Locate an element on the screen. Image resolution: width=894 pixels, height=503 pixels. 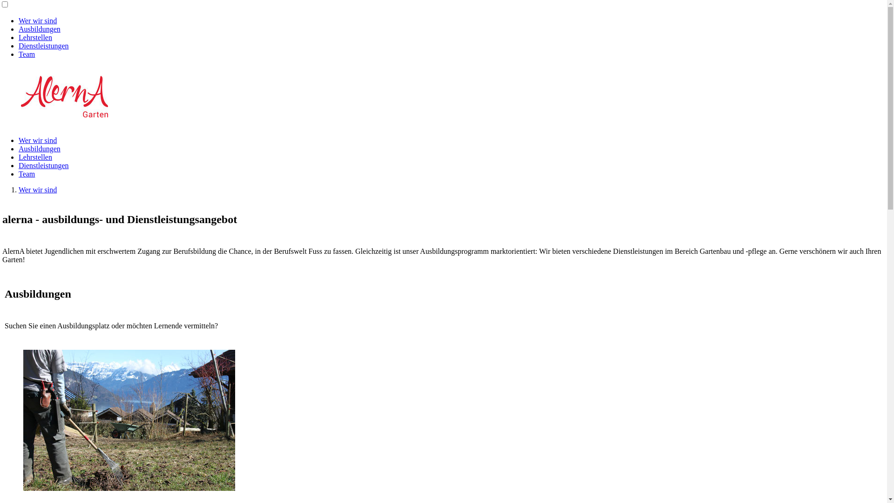
'Wer wir sind' is located at coordinates (37, 20).